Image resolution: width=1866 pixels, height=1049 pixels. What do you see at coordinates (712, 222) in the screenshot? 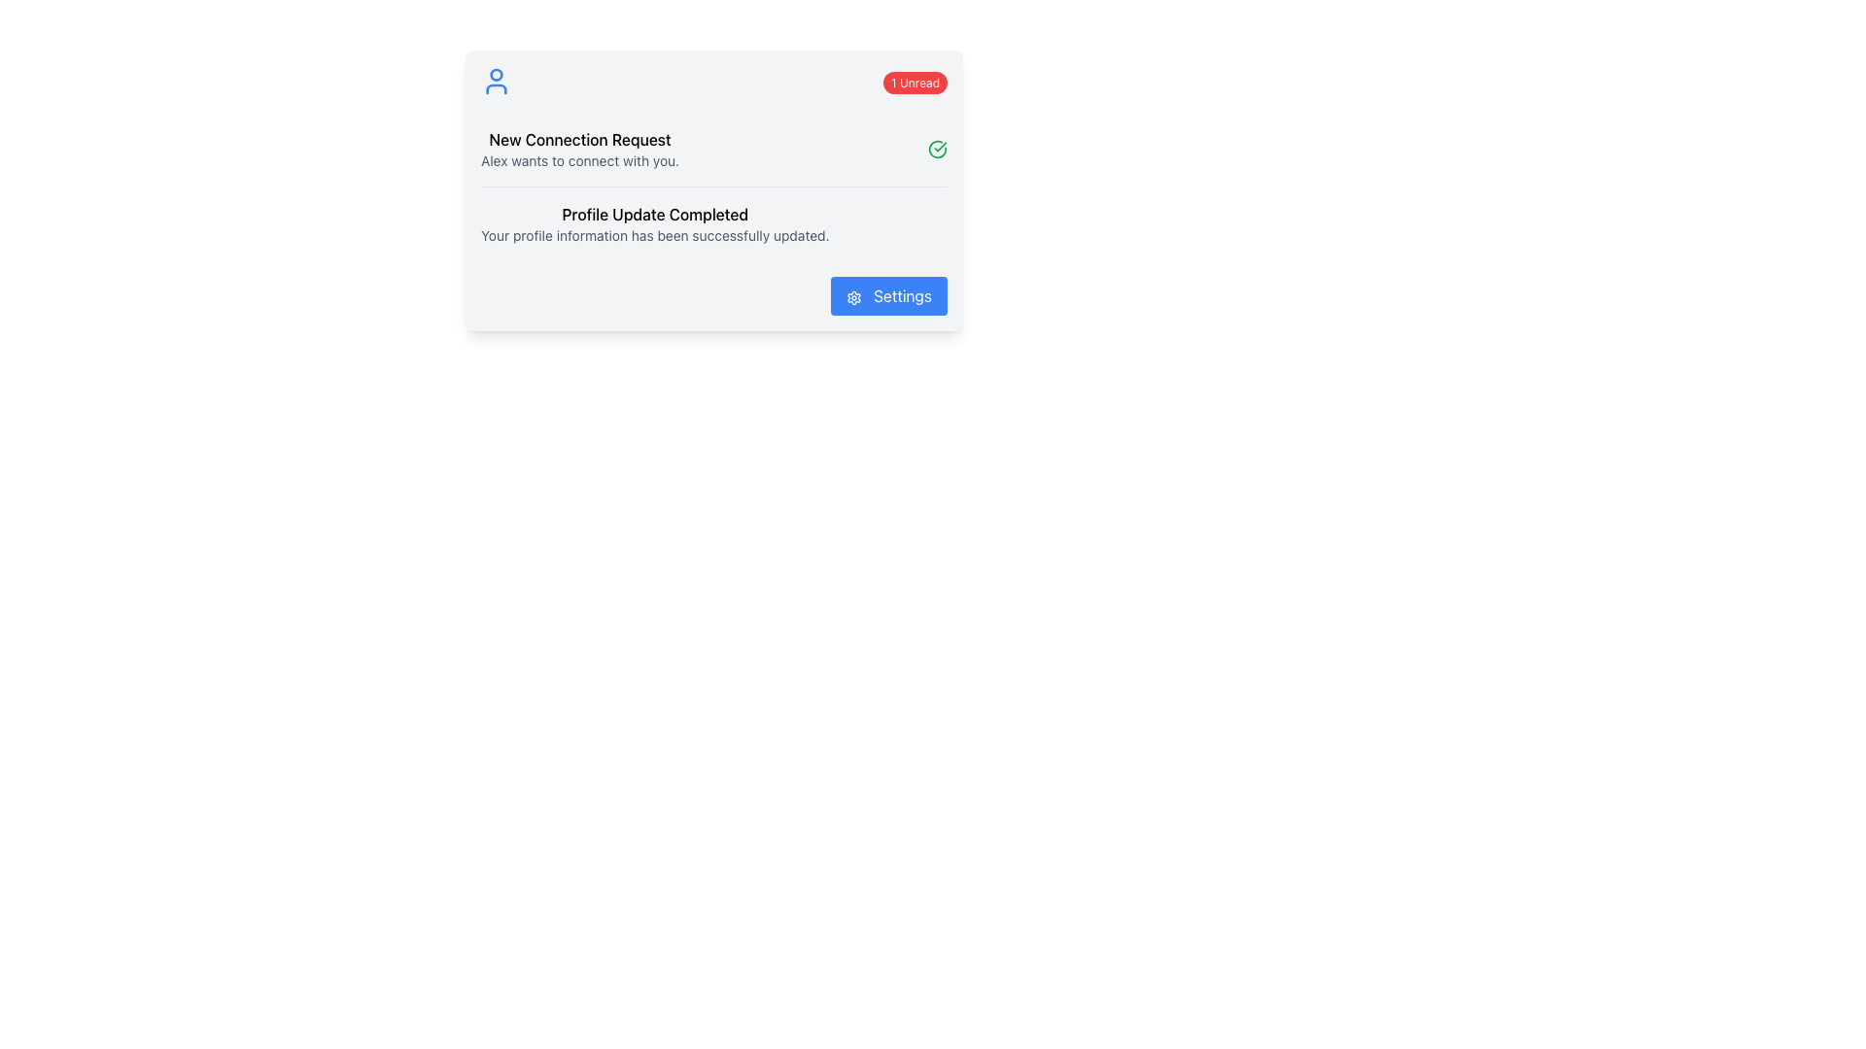
I see `the second notification message that conveys the successful update of the user's profile information, which is positioned beneath the 'New Connection Request' notification` at bounding box center [712, 222].